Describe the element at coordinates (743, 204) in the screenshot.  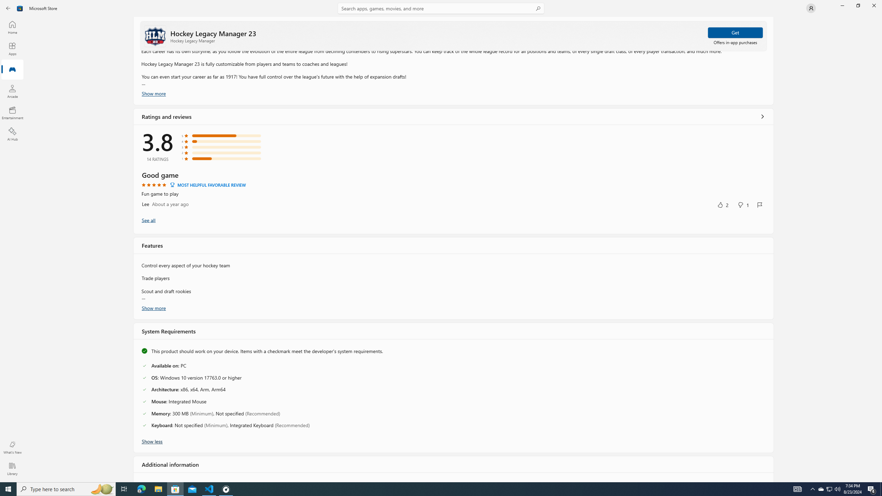
I see `'No, this was not helpful. 1 votes.'` at that location.